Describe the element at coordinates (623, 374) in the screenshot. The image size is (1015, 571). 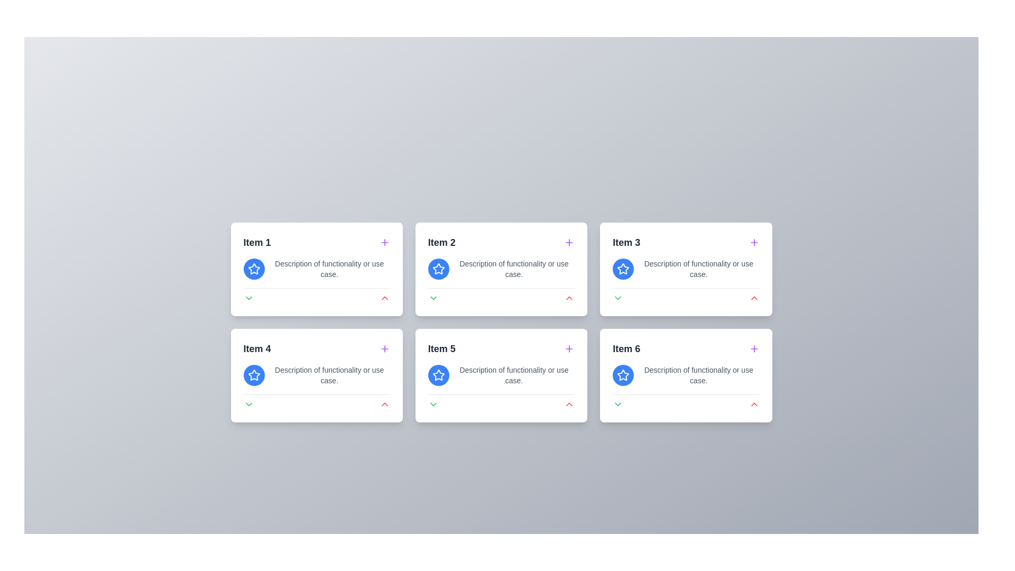
I see `the Icon button located in the top-left section of the card labeled 'Item 6', which is aligned with the text 'Description of functionality or use case.'` at that location.